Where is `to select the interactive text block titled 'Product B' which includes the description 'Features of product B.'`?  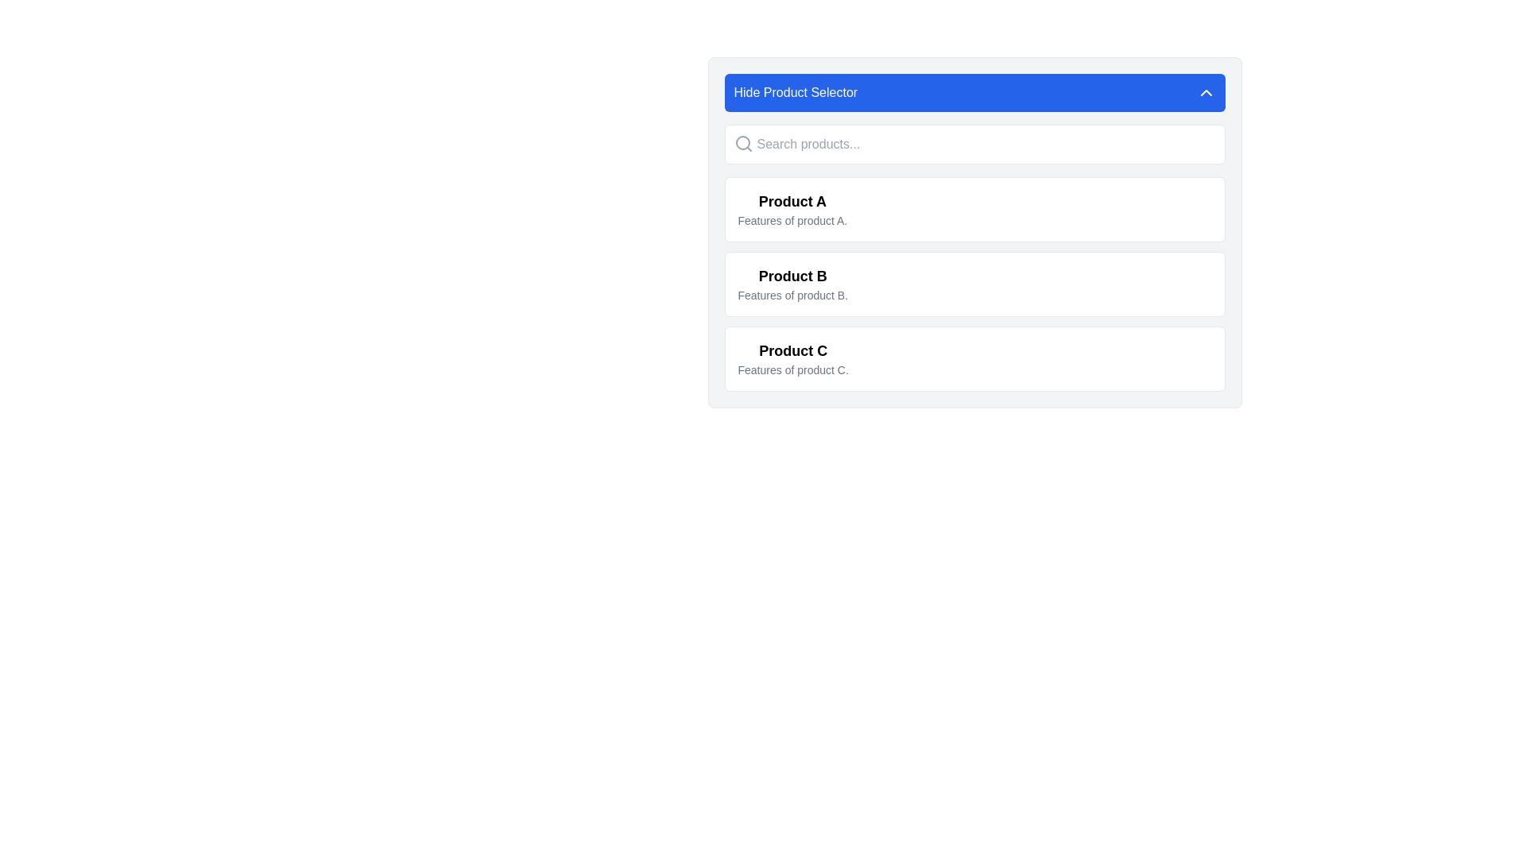 to select the interactive text block titled 'Product B' which includes the description 'Features of product B.' is located at coordinates (792, 284).